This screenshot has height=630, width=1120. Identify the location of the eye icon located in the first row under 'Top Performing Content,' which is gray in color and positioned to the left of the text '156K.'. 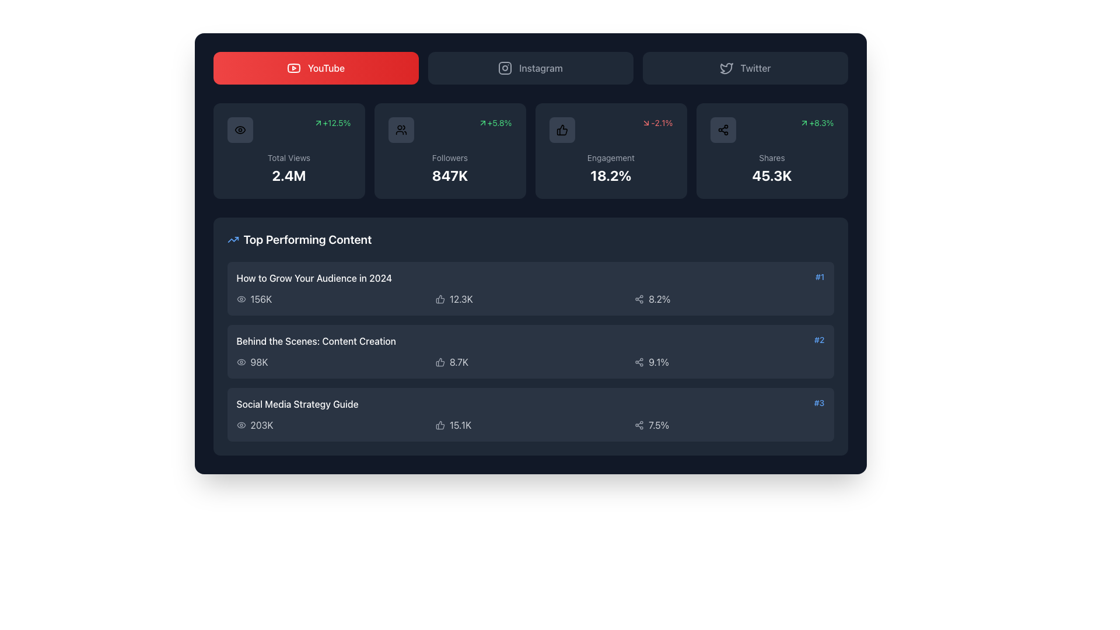
(240, 299).